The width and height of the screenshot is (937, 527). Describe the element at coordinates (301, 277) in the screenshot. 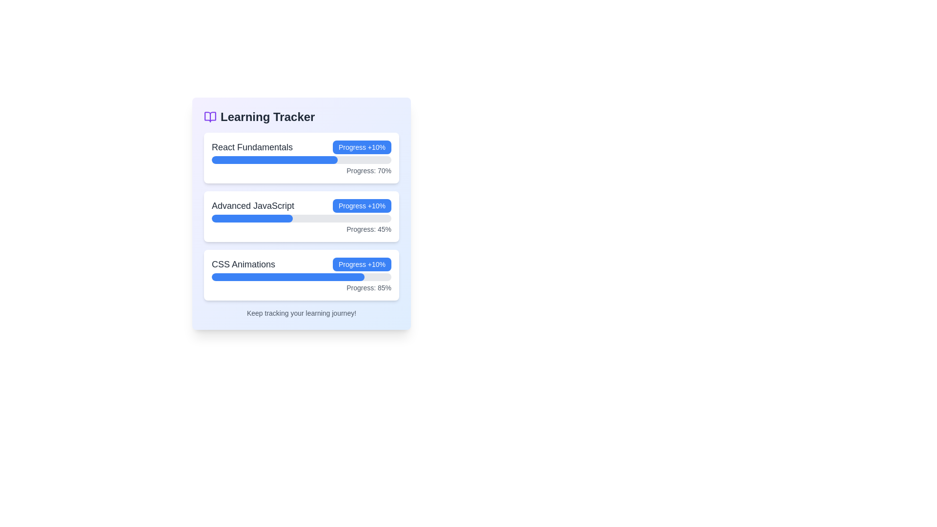

I see `the horizontal progress bar with rounded edges located in the third card labeled 'CSS Animations', positioned below the card's header title and button, and above the 'Progress: 85%' text` at that location.